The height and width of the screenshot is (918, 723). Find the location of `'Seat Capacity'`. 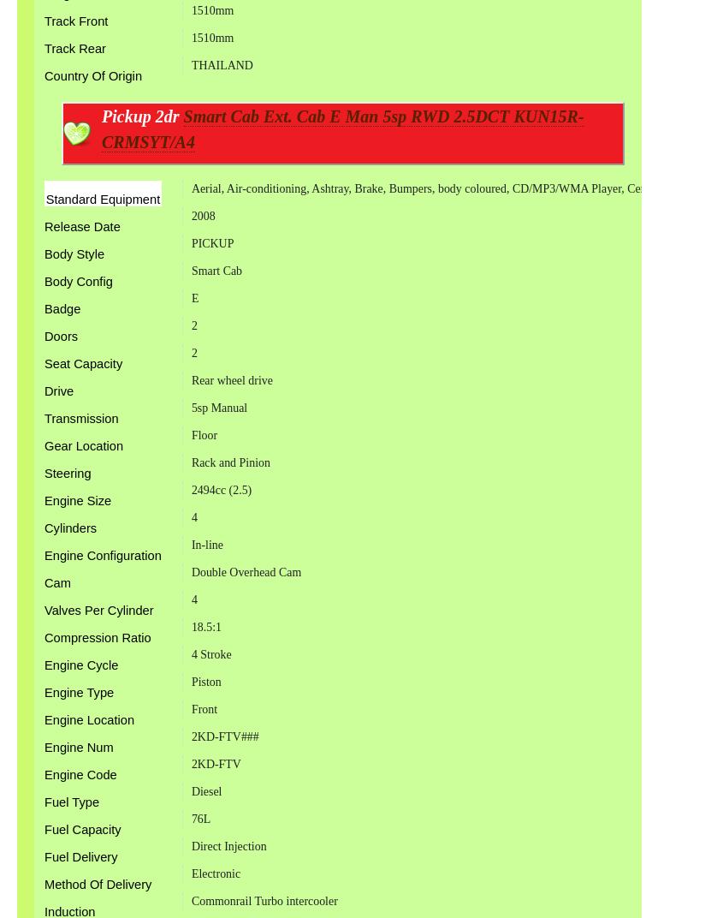

'Seat Capacity' is located at coordinates (43, 363).